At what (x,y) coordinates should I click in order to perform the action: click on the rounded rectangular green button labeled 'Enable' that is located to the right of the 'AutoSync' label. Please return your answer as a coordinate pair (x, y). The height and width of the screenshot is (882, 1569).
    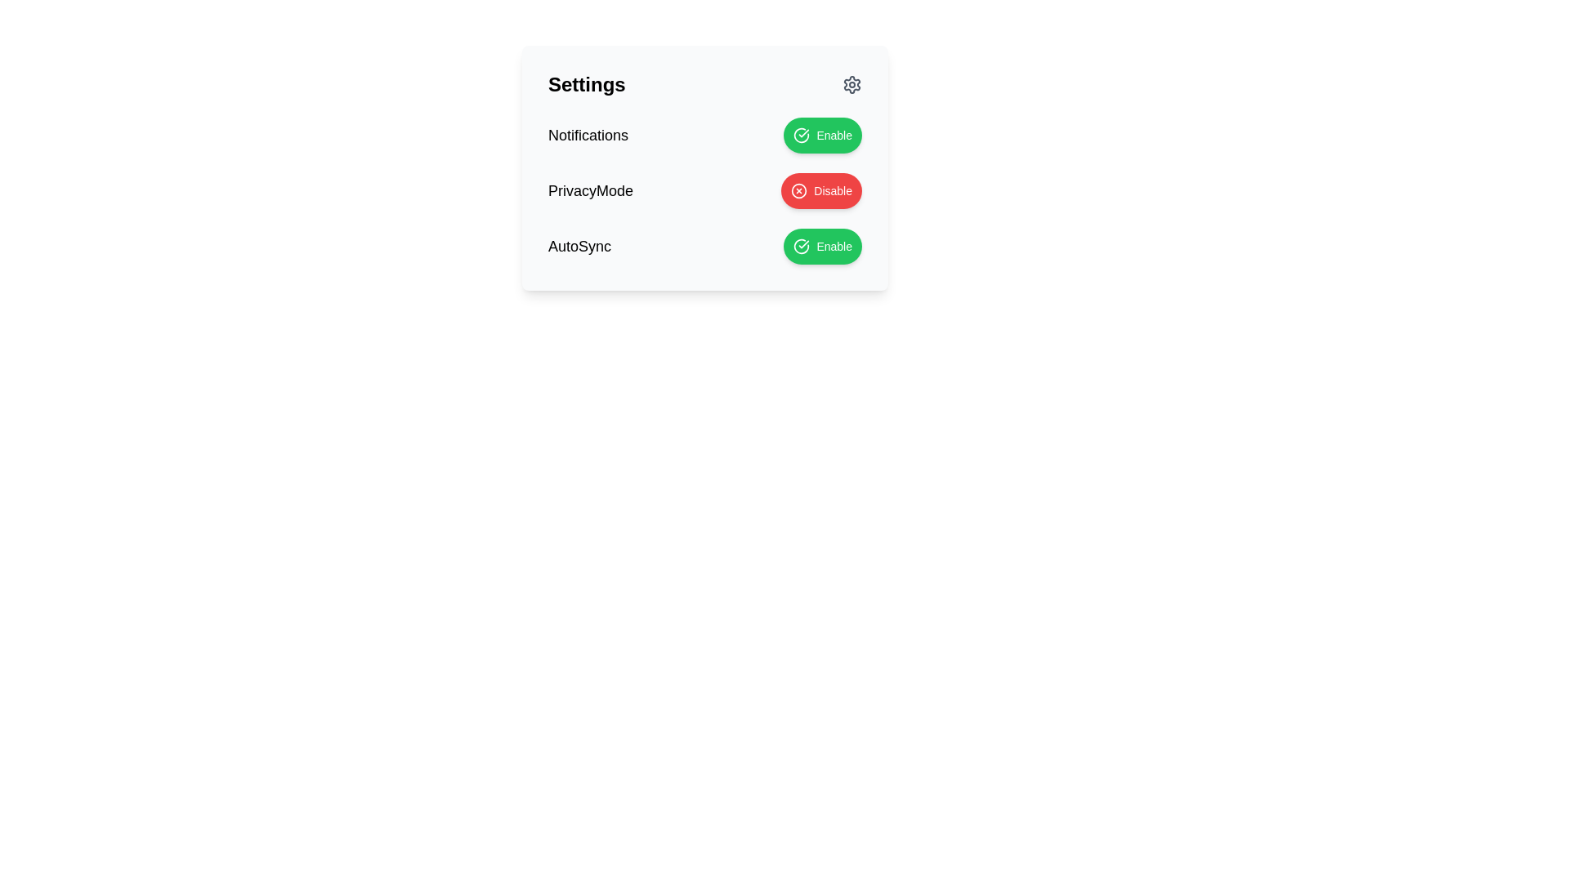
    Looking at the image, I should click on (823, 246).